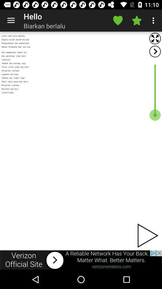  I want to click on the fullscreen icon, so click(155, 38).